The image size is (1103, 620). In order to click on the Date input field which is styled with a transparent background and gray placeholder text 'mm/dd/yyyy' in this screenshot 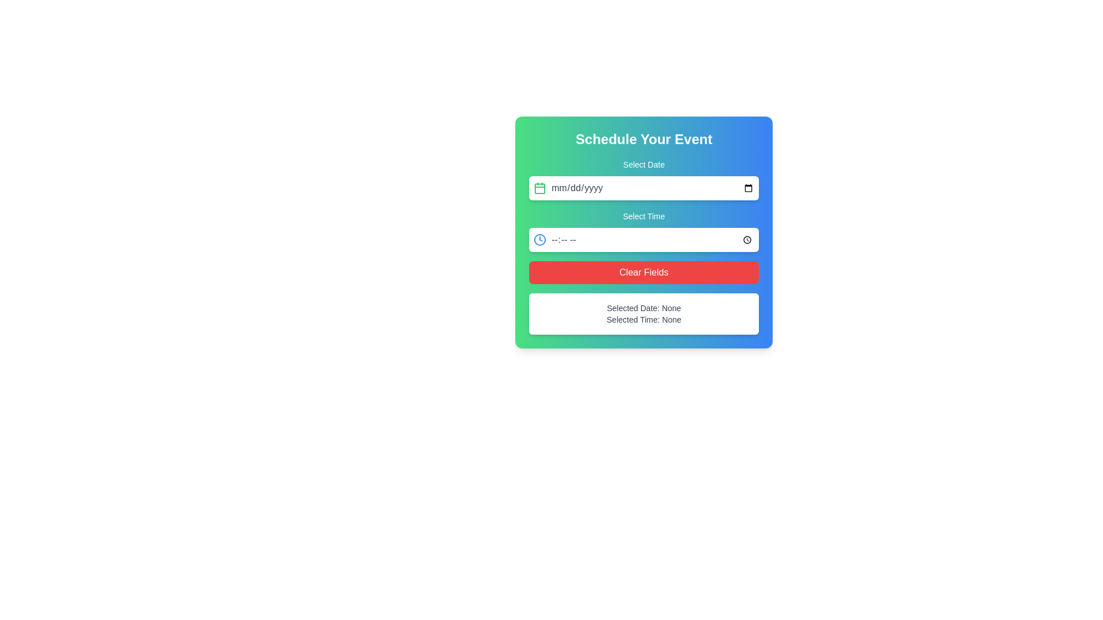, I will do `click(653, 187)`.